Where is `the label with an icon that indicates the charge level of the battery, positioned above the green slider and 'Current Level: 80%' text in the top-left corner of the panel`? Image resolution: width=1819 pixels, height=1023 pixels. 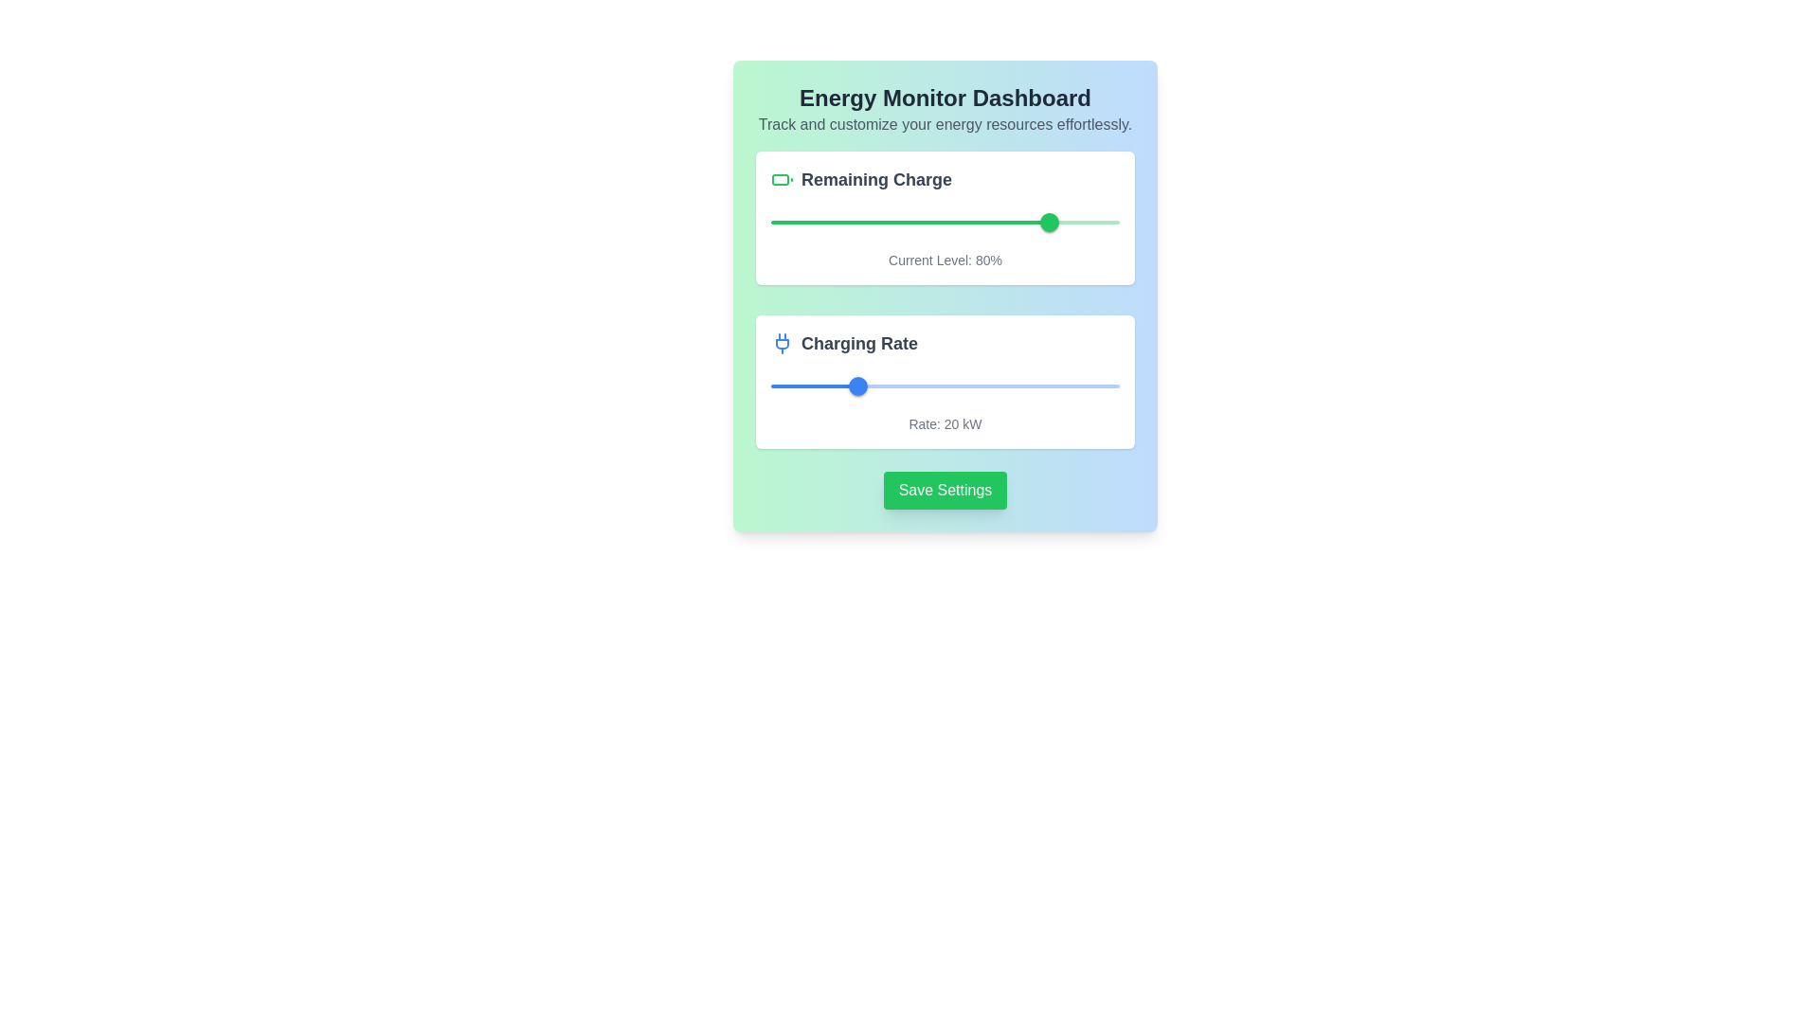 the label with an icon that indicates the charge level of the battery, positioned above the green slider and 'Current Level: 80%' text in the top-left corner of the panel is located at coordinates (946, 179).